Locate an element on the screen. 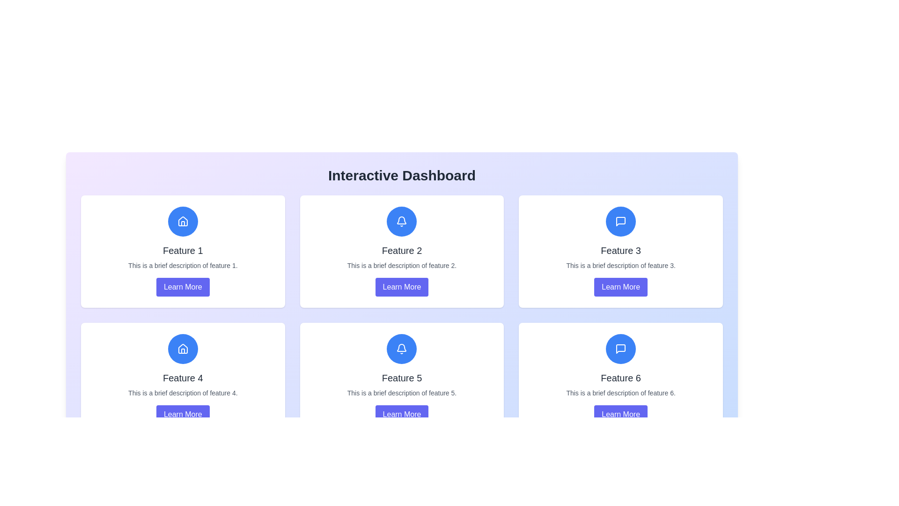 Image resolution: width=899 pixels, height=506 pixels. text label that displays 'This is a brief description of feature 2.' located below the title 'Feature 2' in the first row, second column of the grid layout is located at coordinates (402, 266).